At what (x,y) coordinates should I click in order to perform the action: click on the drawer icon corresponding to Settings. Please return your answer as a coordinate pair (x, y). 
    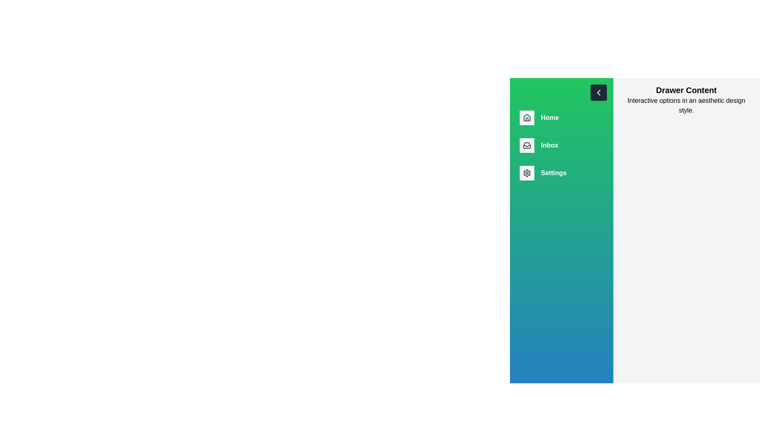
    Looking at the image, I should click on (527, 172).